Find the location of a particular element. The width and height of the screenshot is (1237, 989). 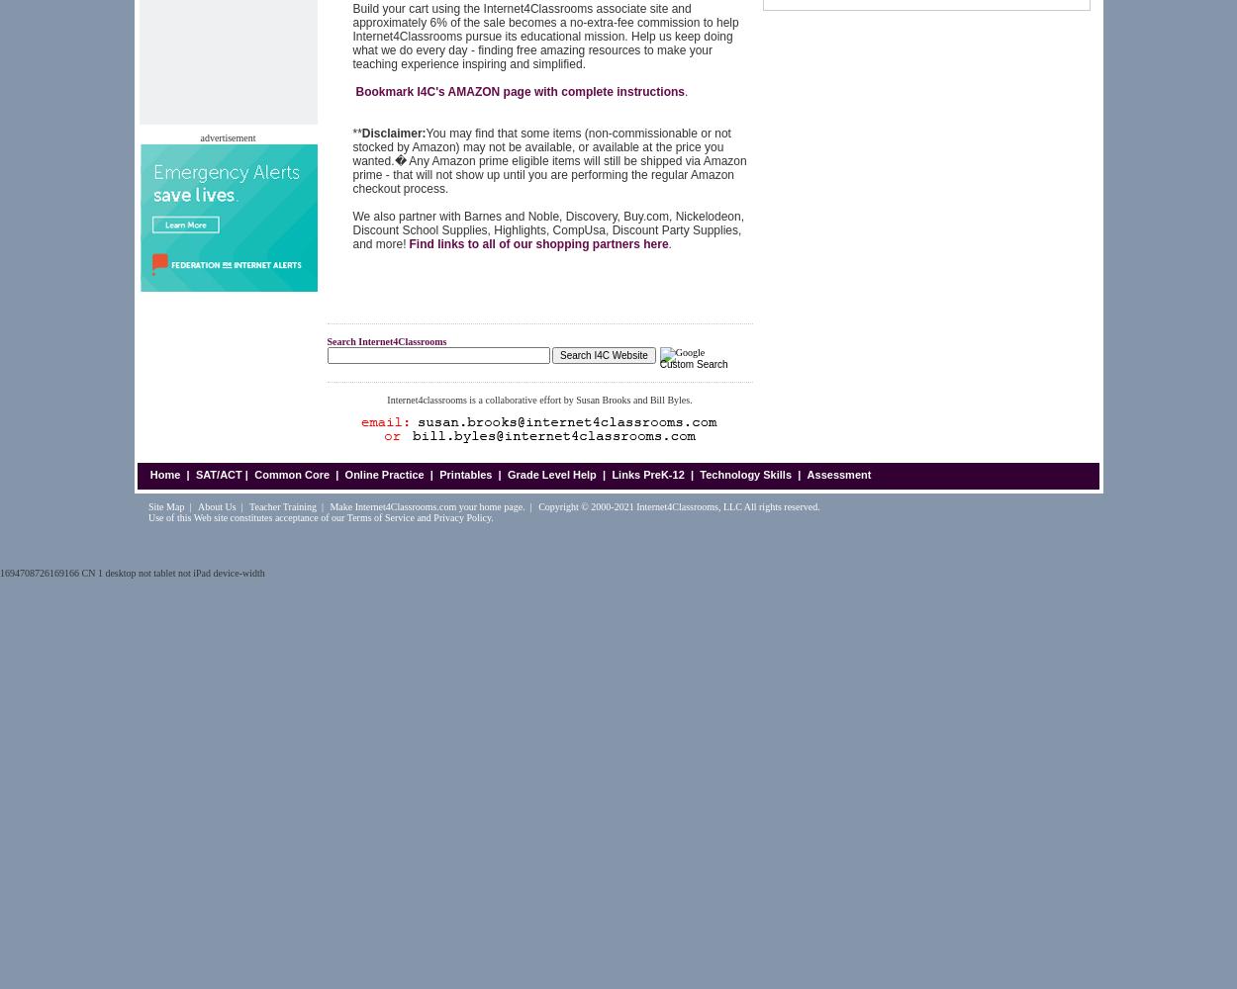

'Bookmark I4C's AMAZON page with complete instructions' is located at coordinates (520, 91).